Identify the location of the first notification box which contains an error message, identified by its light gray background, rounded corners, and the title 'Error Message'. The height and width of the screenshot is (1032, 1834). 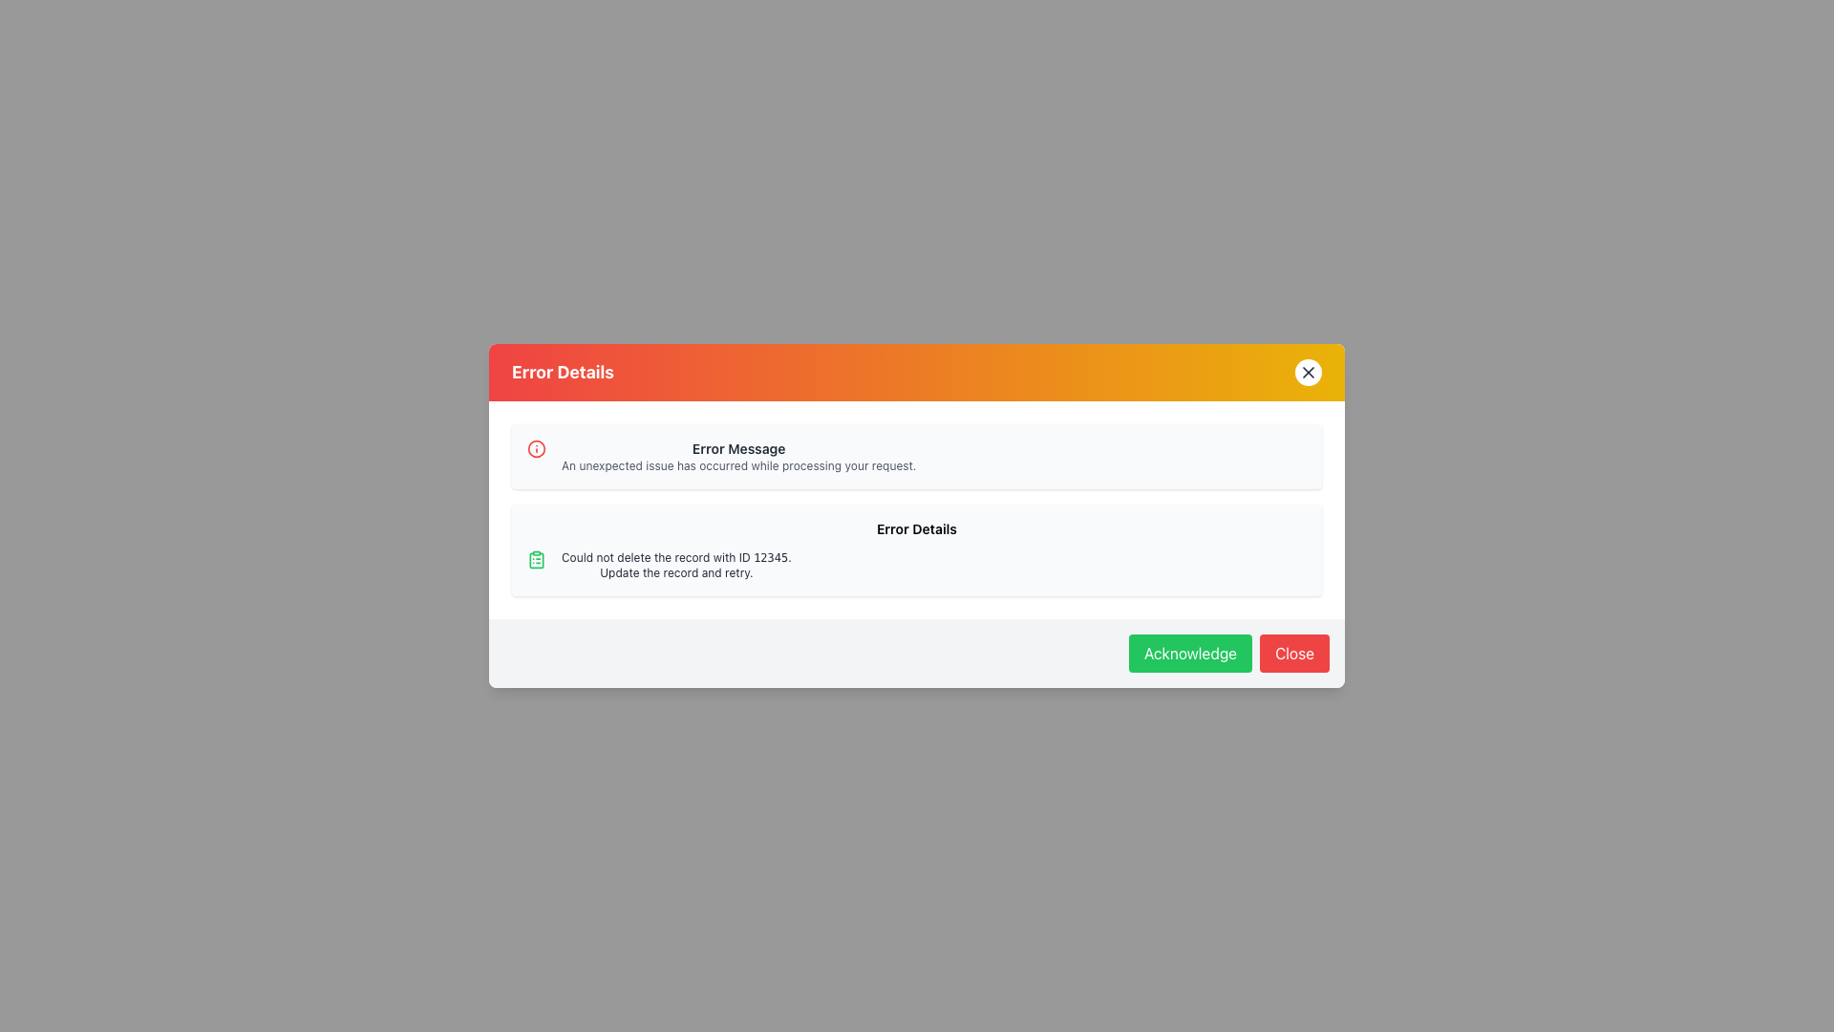
(917, 457).